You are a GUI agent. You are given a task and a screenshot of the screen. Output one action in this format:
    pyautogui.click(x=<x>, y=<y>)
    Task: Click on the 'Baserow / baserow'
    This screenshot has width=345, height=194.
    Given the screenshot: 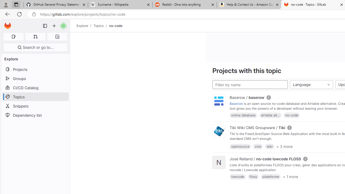 What is the action you would take?
    pyautogui.click(x=247, y=97)
    